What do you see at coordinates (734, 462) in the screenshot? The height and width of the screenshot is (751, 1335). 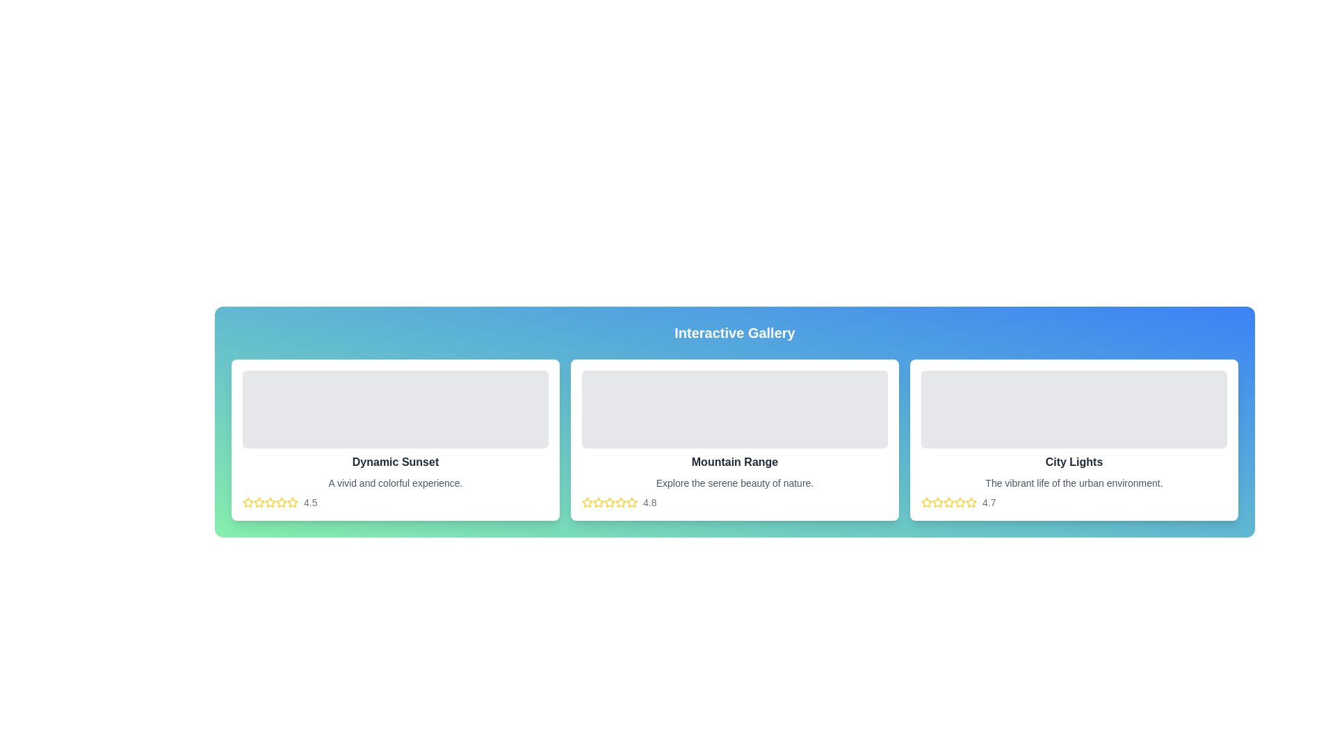 I see `text label displaying 'Mountain Range' which is styled in bold dark gray font and located within a white card beneath a gray rectangle placeholder` at bounding box center [734, 462].